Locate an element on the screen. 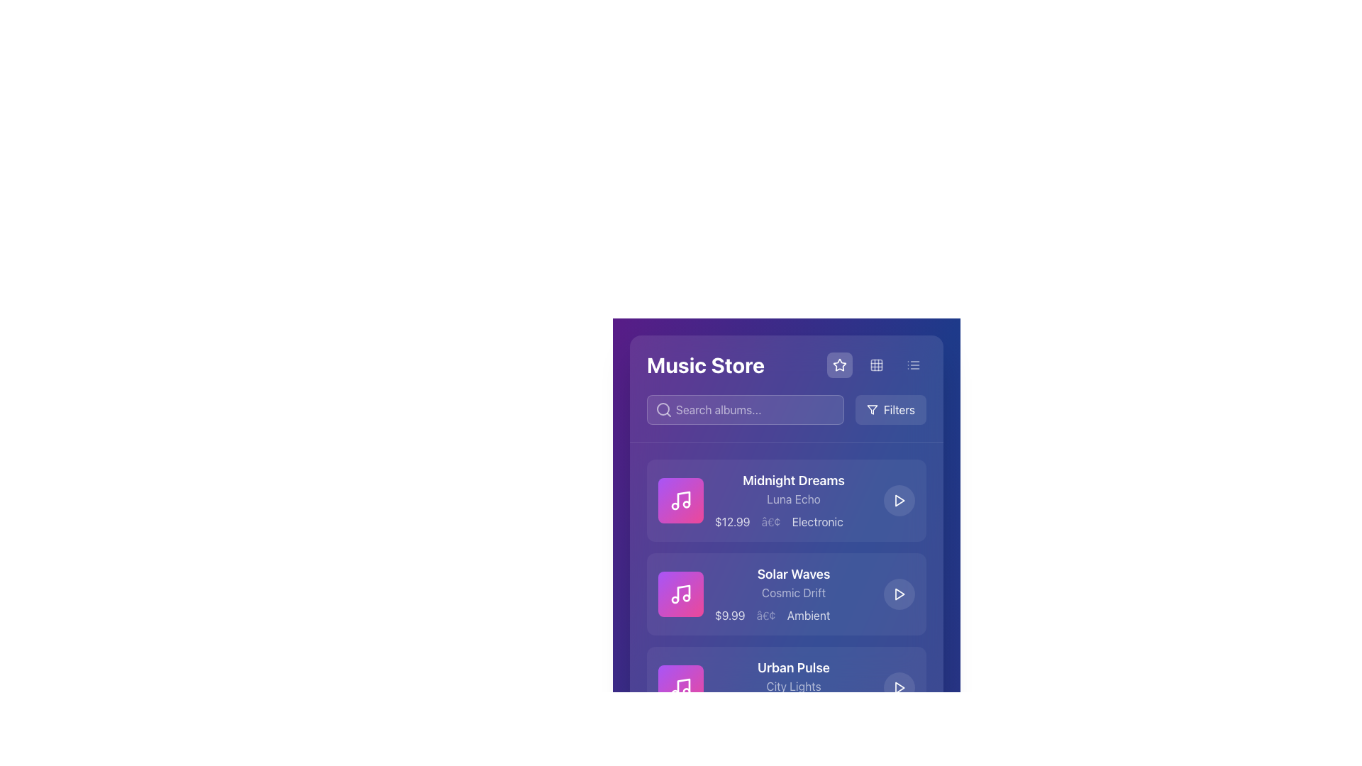 The height and width of the screenshot is (766, 1362). the text input field located at the top-left section of the main interface, just below the 'Music Store' header, to focus and start typing a query is located at coordinates (744, 410).